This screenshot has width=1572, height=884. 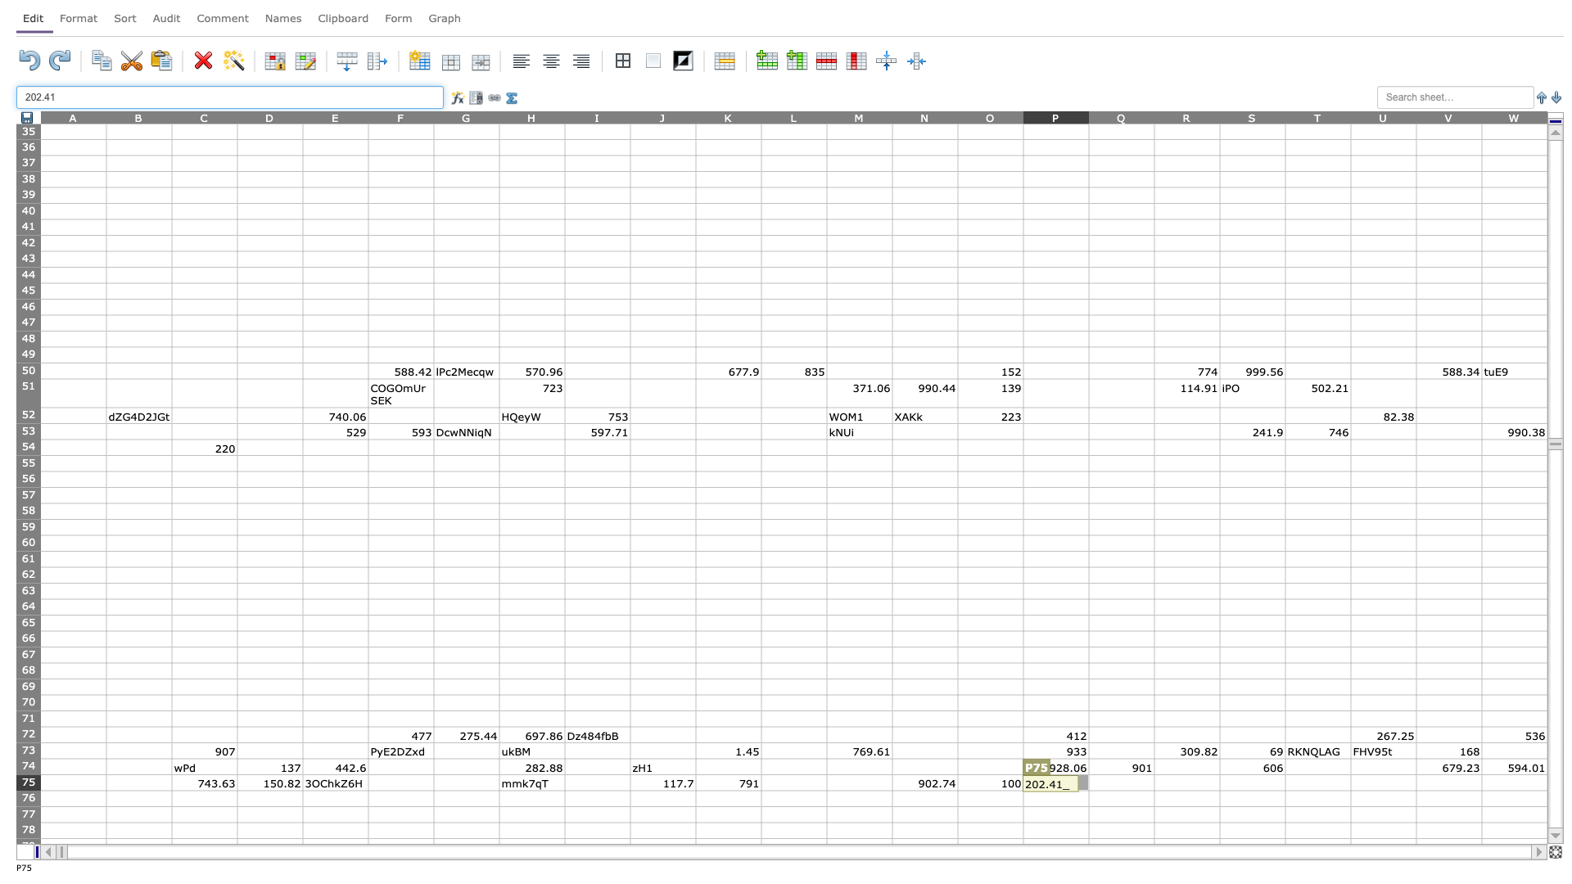 What do you see at coordinates (1219, 773) in the screenshot?
I see `top left at column S row 75` at bounding box center [1219, 773].